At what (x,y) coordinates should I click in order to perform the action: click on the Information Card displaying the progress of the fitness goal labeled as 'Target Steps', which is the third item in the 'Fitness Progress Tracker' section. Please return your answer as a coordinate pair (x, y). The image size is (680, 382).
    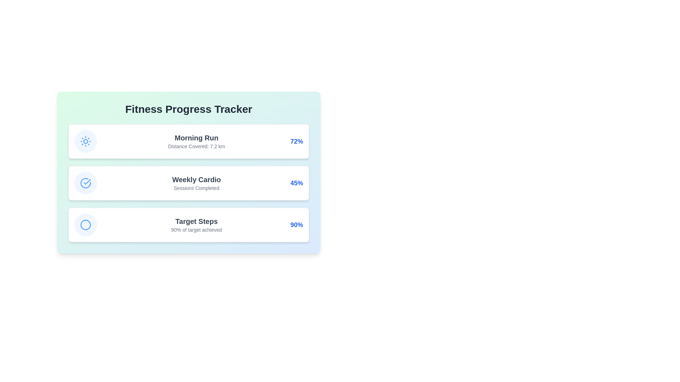
    Looking at the image, I should click on (188, 225).